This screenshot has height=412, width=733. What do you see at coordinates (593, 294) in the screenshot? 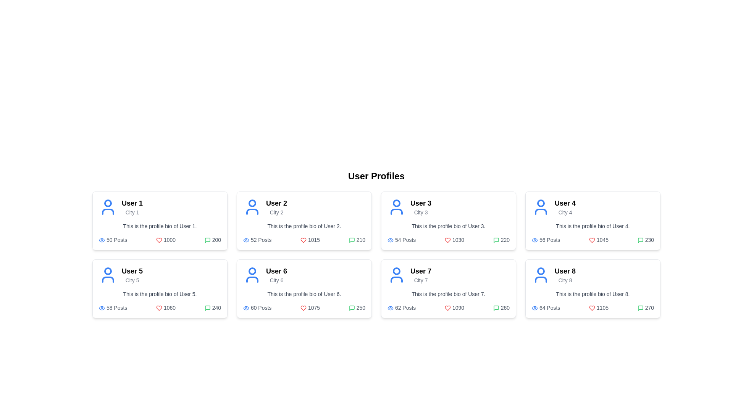
I see `profile bio text for User 8, which is a single line of gray text stating 'This is the profile bio of User 8.' positioned below the user's name and city information` at bounding box center [593, 294].